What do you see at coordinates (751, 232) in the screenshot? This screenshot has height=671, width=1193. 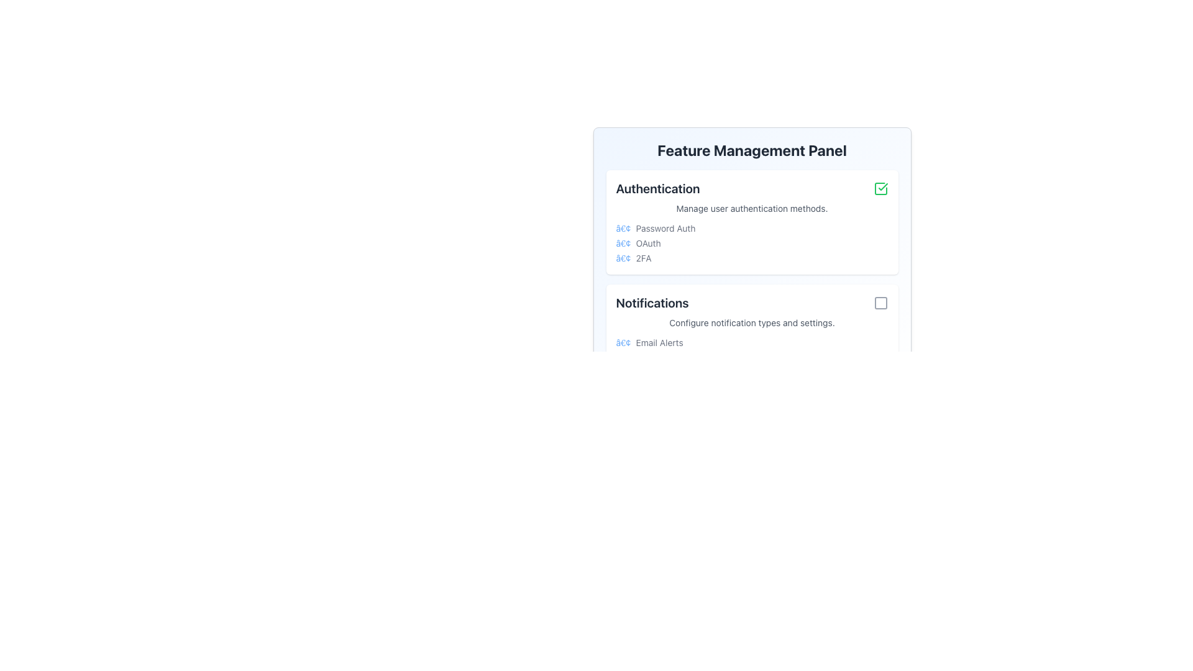 I see `the items listed in the Feature Management Panel, which is centrally located beneath the title 'Feature Management Panel'` at bounding box center [751, 232].